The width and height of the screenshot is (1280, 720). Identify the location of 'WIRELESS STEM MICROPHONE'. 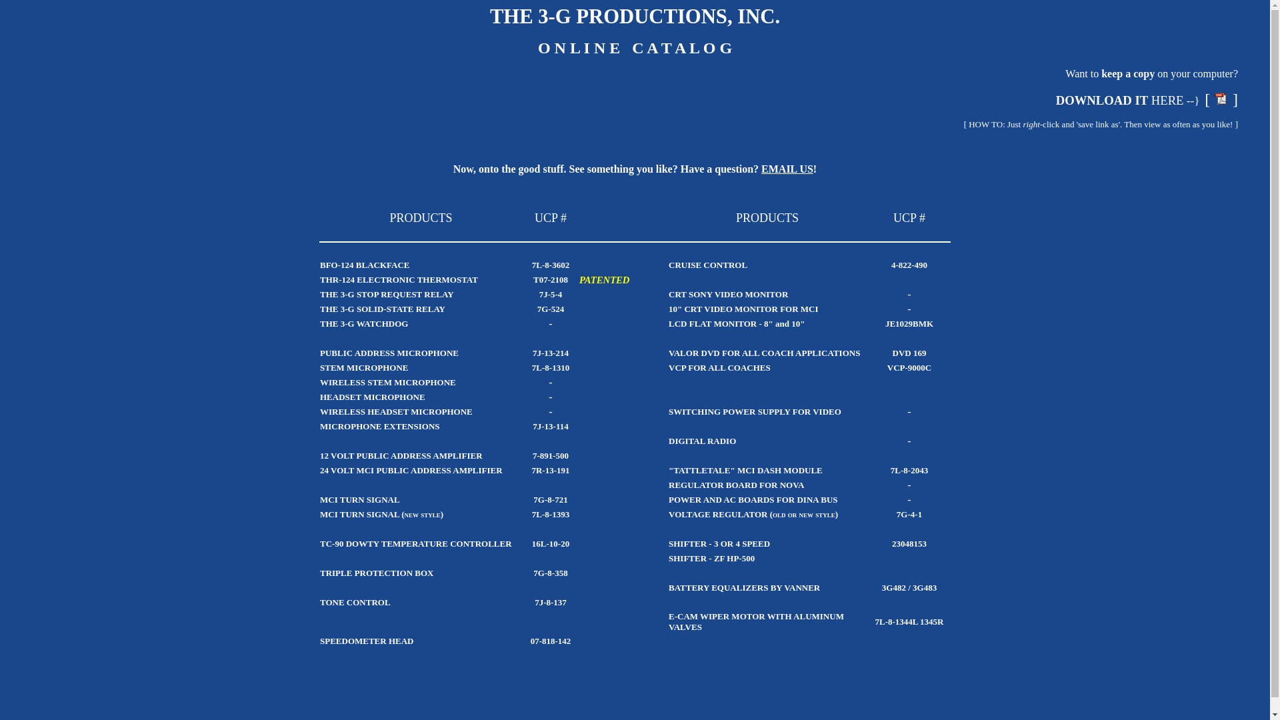
(387, 382).